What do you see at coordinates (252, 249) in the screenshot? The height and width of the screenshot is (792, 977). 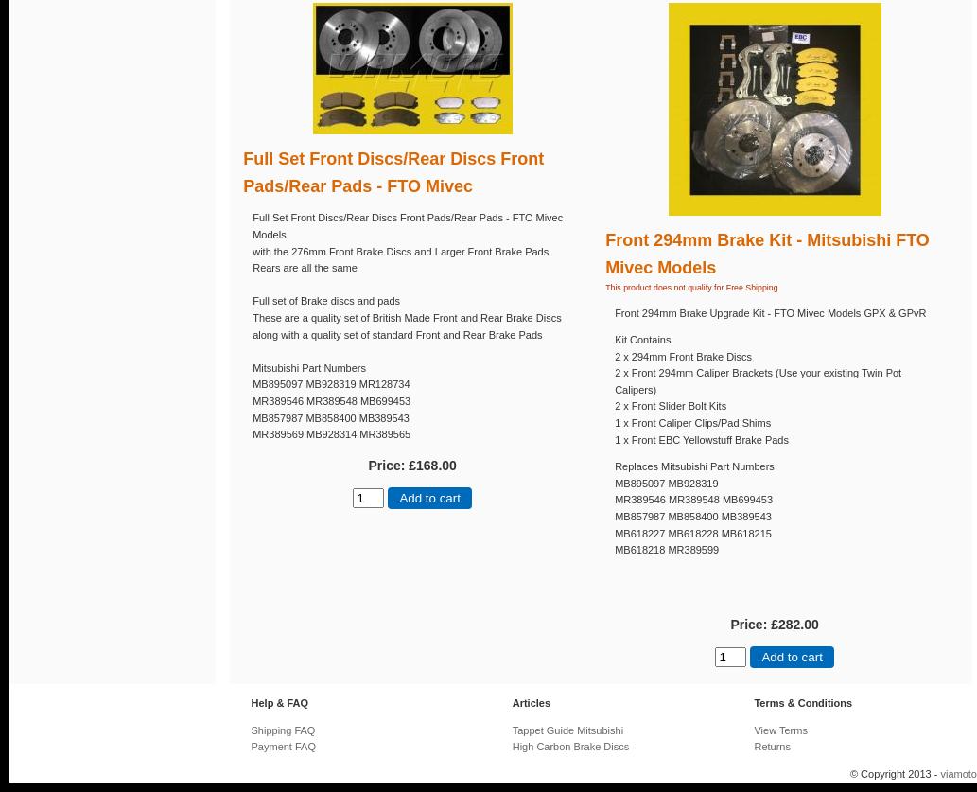 I see `'with the 276mm Front Brake Discs and Larger Front Brake Pads'` at bounding box center [252, 249].